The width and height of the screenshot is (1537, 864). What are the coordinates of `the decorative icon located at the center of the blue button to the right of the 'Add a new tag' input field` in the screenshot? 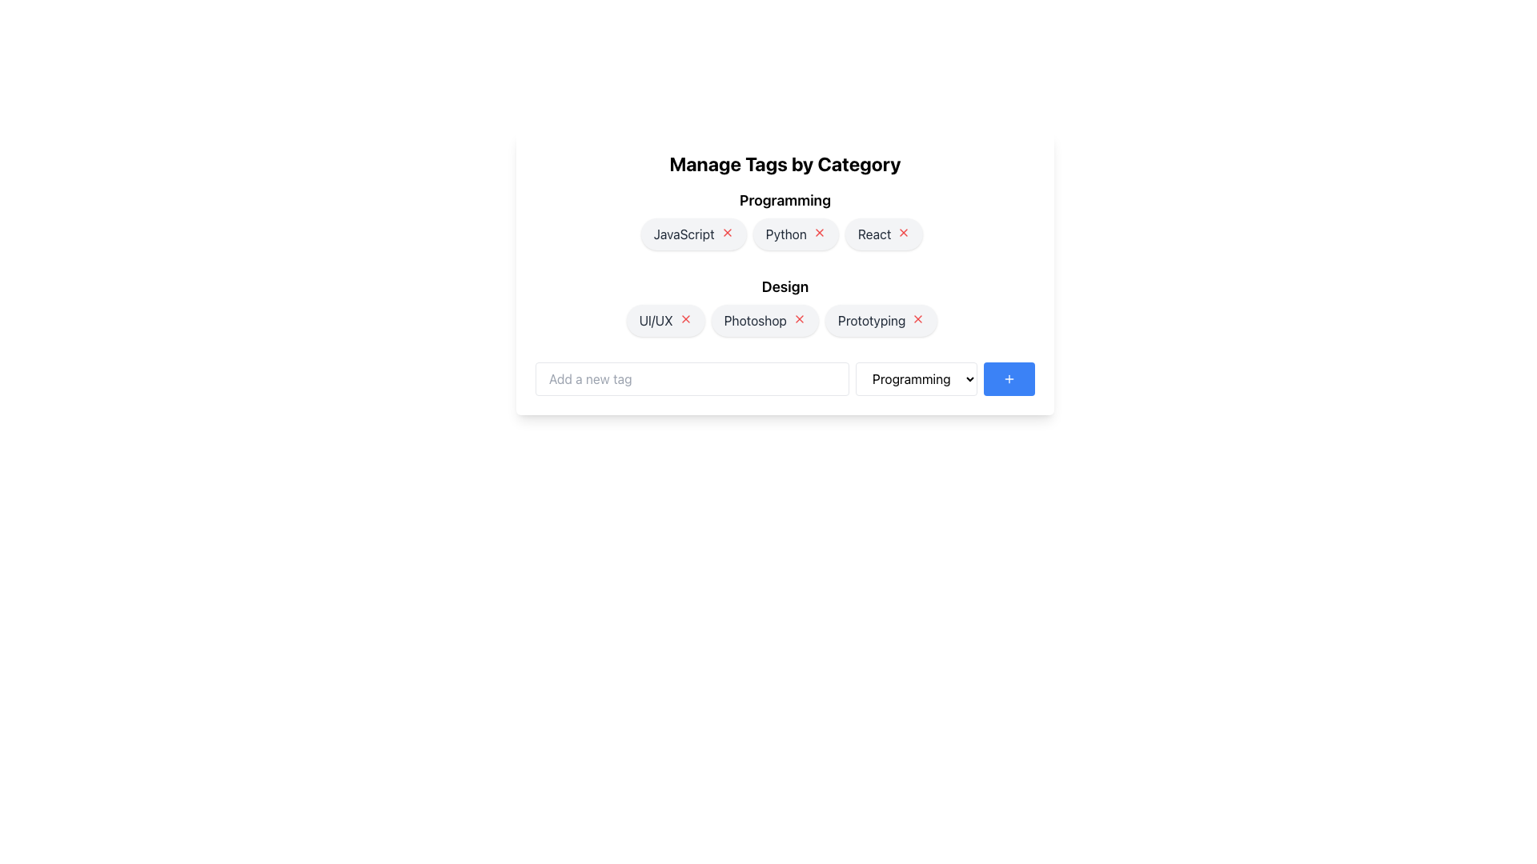 It's located at (1009, 379).